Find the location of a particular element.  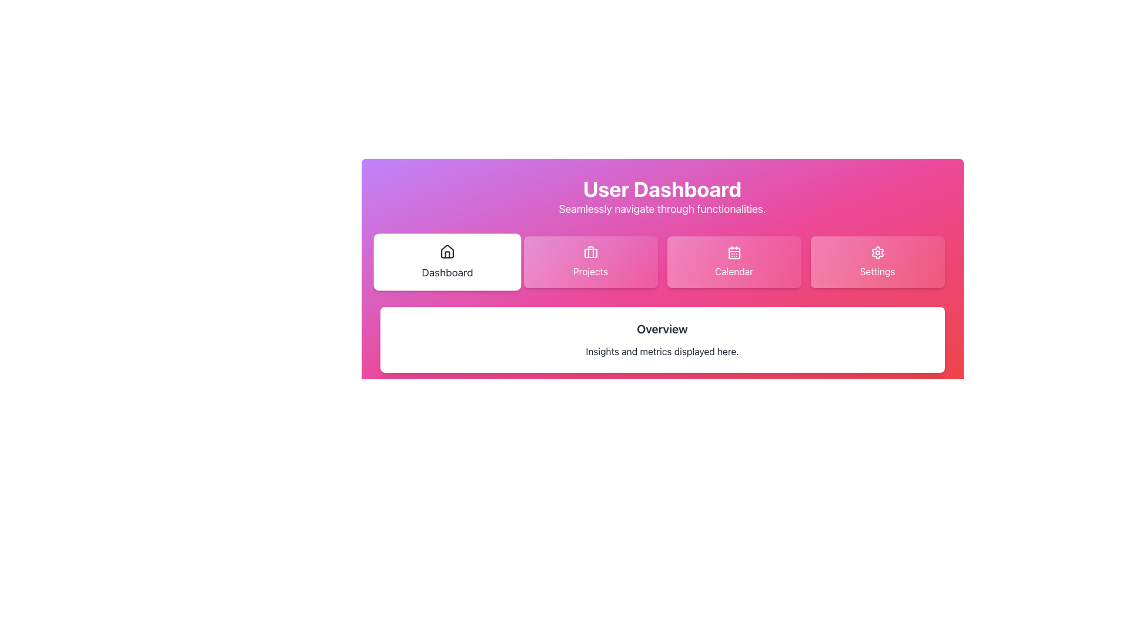

instructions displayed in the text 'Seamlessly navigate through functionalities.' located below the 'User Dashboard' heading on the gradient pink-purple background is located at coordinates (662, 208).